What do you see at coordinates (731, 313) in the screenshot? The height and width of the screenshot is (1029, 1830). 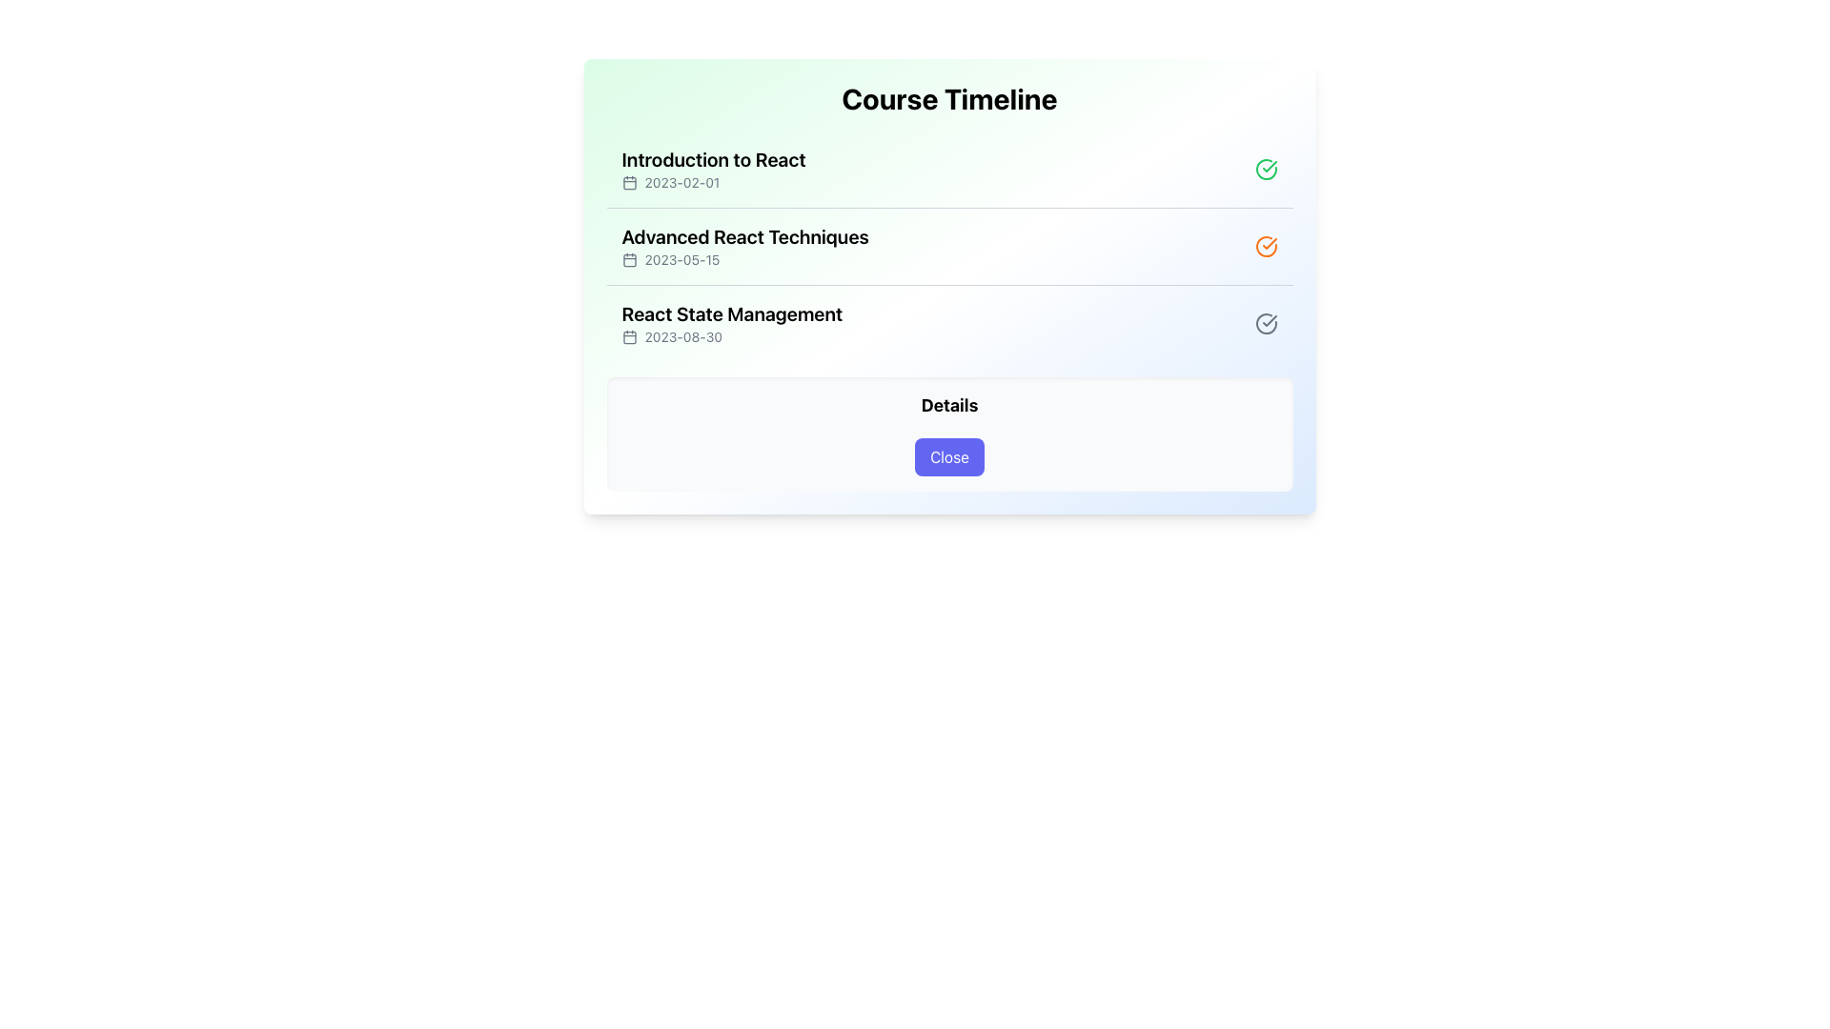 I see `the text label that reads 'React State Management', which is styled in large, bold font and positioned on the third row of the timeline, directly above the date '2023-08-30'` at bounding box center [731, 313].